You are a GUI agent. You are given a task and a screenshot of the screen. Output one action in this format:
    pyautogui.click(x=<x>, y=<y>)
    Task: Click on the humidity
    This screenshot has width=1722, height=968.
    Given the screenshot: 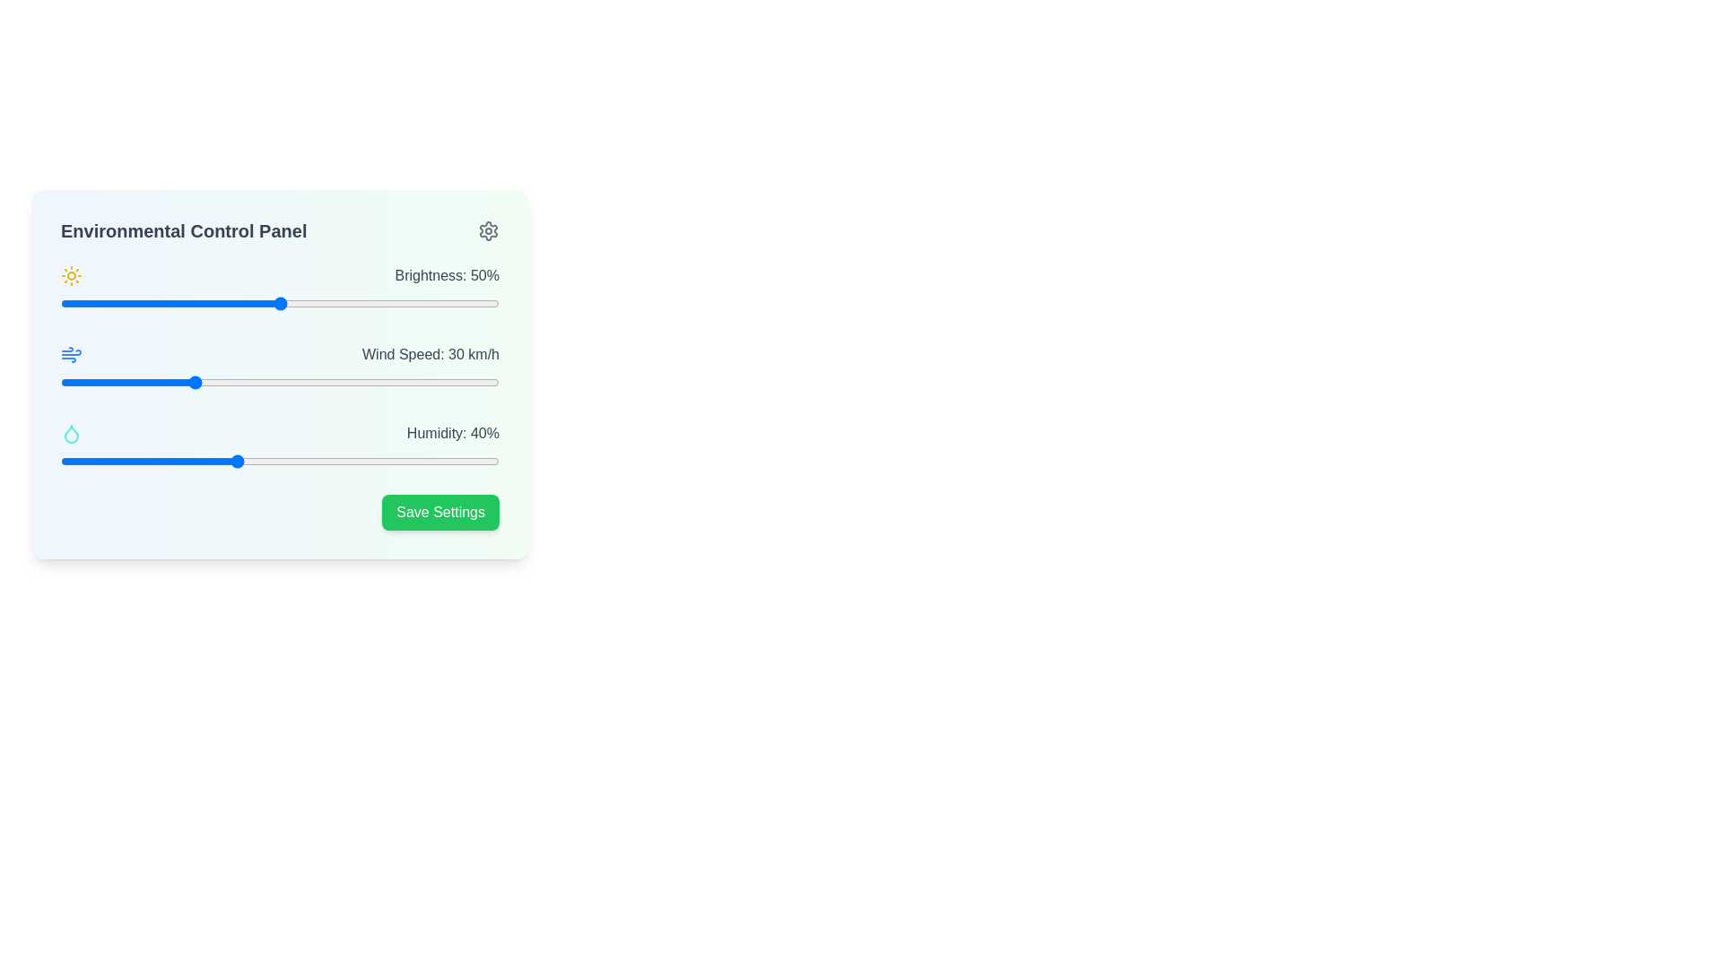 What is the action you would take?
    pyautogui.click(x=112, y=461)
    